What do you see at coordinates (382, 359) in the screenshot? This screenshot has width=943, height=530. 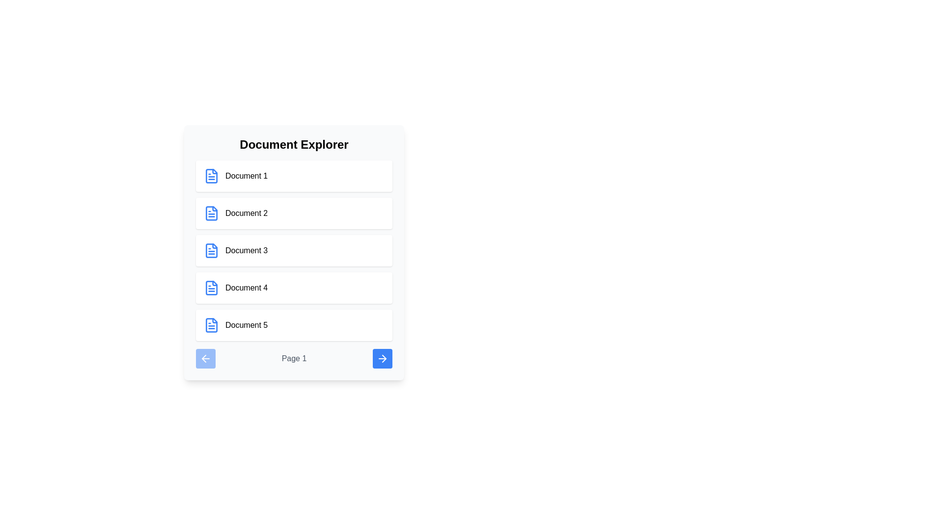 I see `the blue arrow button located in the bottom-right corner of the interface` at bounding box center [382, 359].